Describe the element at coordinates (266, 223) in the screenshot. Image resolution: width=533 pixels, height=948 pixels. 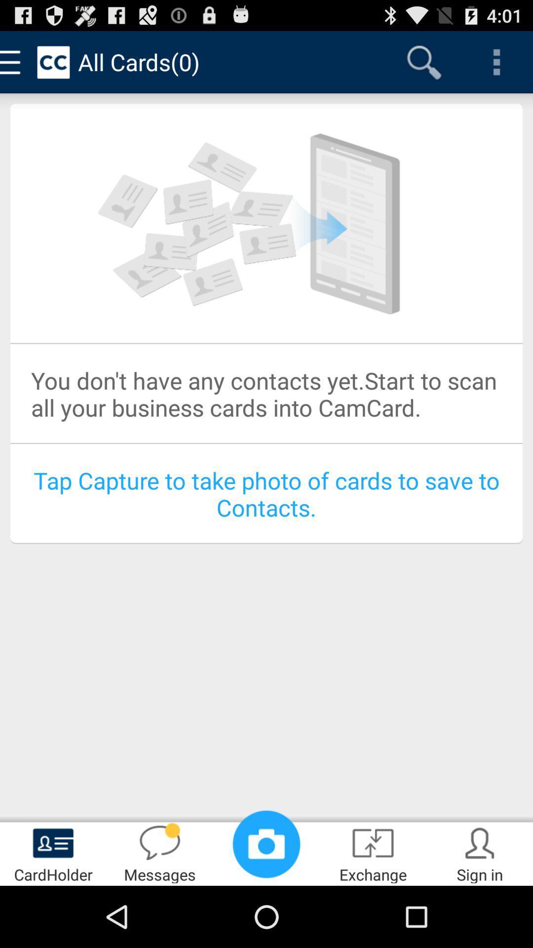
I see `to image which is under the all cards` at that location.